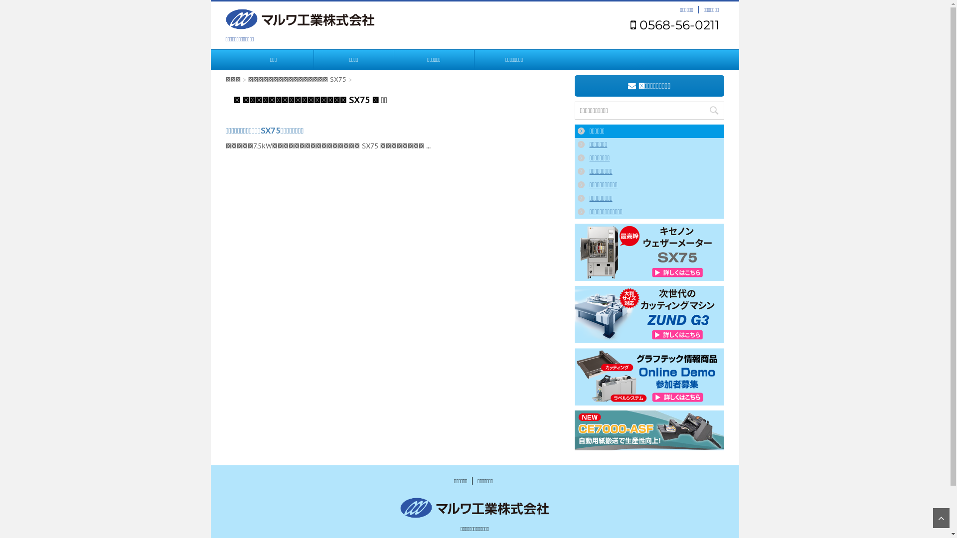  I want to click on ' 0568-56-0211', so click(674, 24).